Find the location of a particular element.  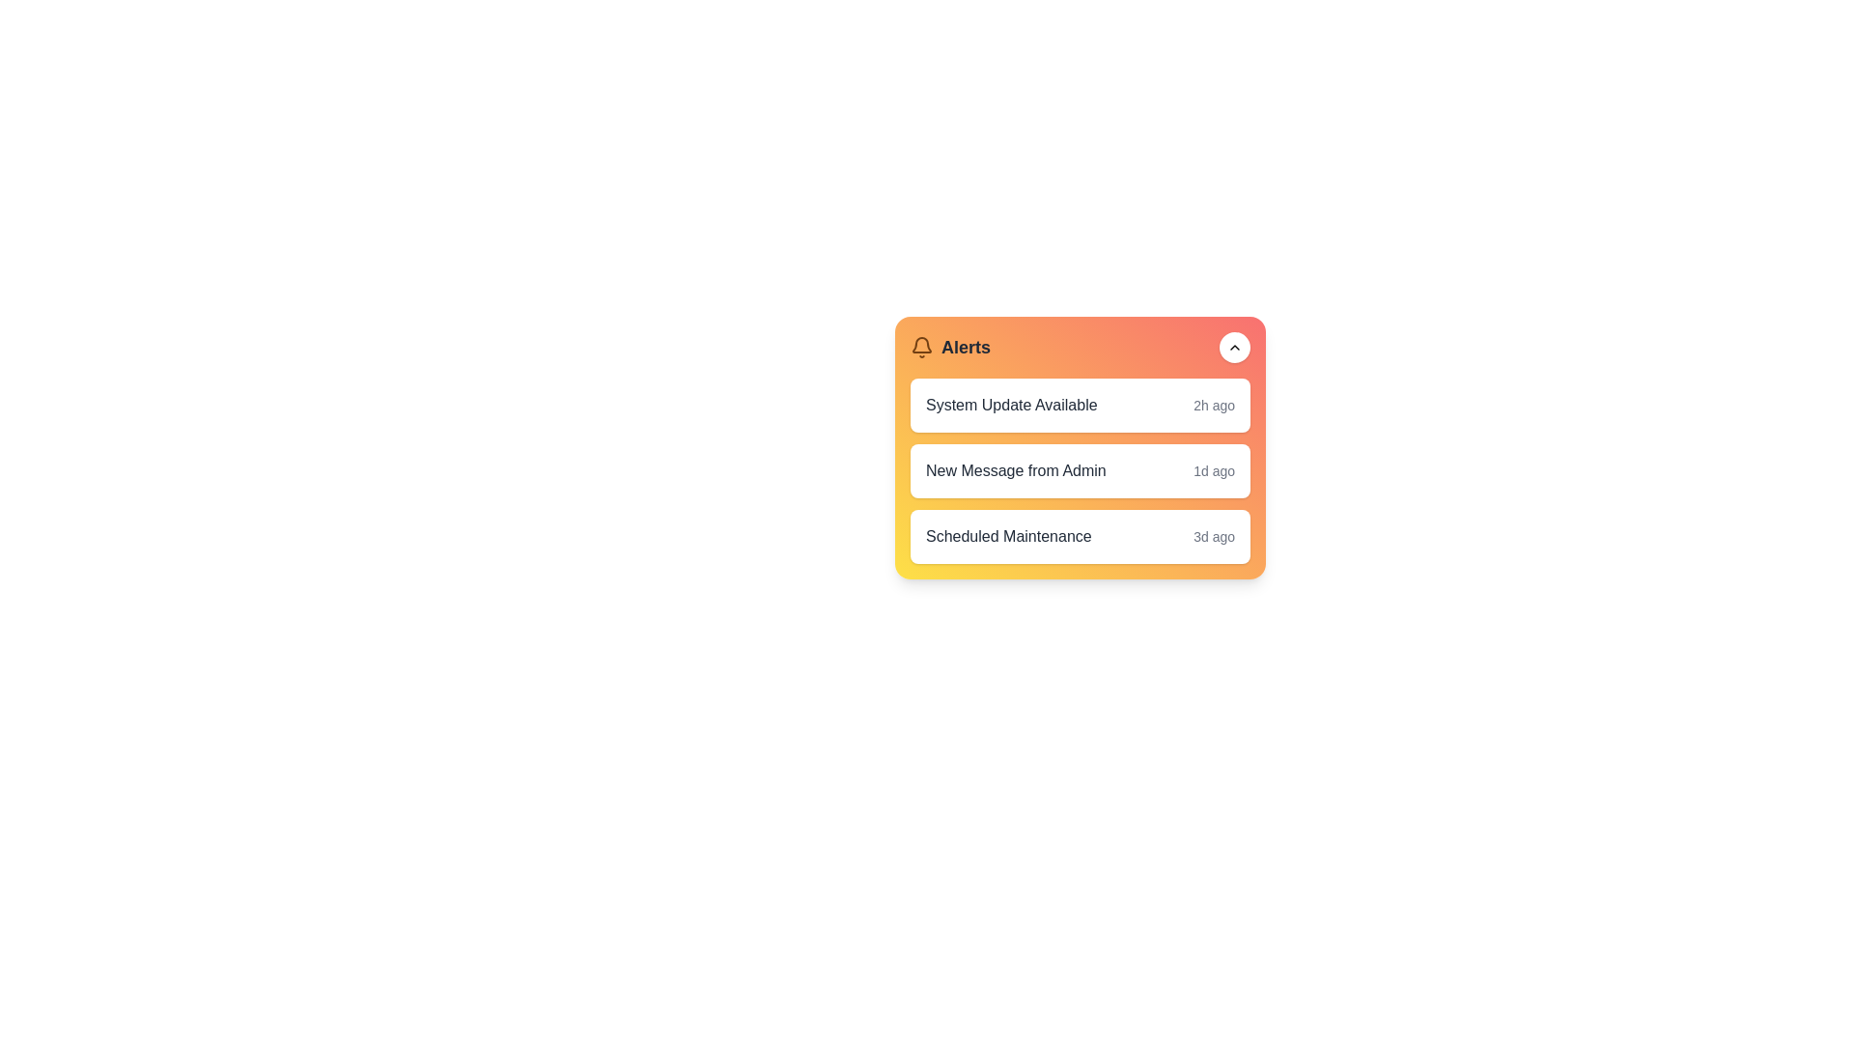

the toggle button to change the visibility of the AlertMenu is located at coordinates (1233, 346).